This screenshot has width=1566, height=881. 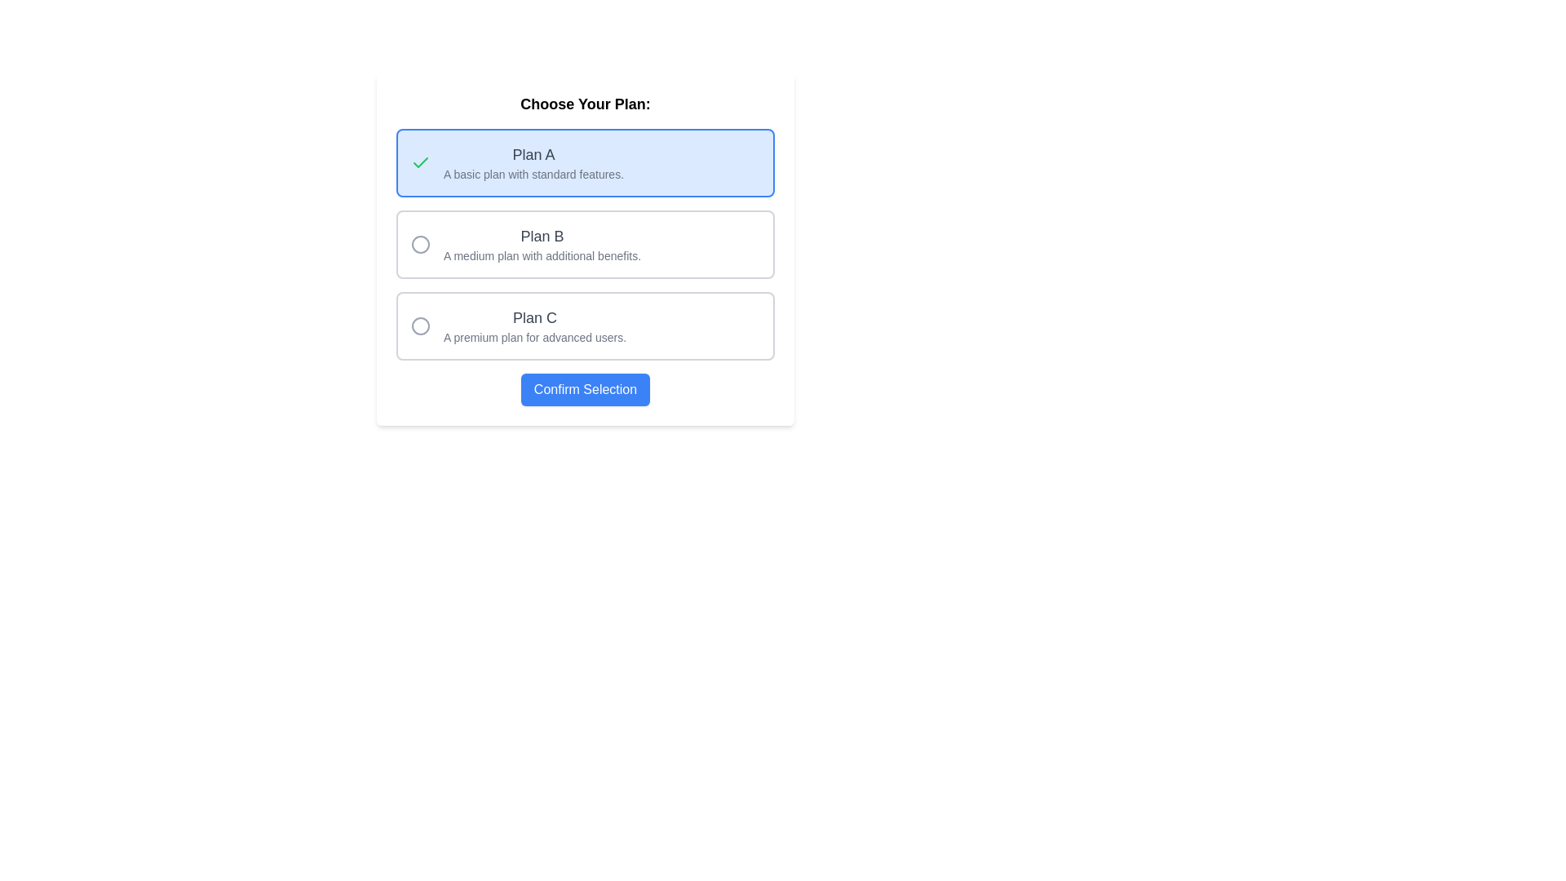 What do you see at coordinates (542, 245) in the screenshot?
I see `to select the option associated with 'Plan B', which is the second option in a vertical list of plans, featuring a medium-sized darker font for the title and a smaller lighter font for the description` at bounding box center [542, 245].